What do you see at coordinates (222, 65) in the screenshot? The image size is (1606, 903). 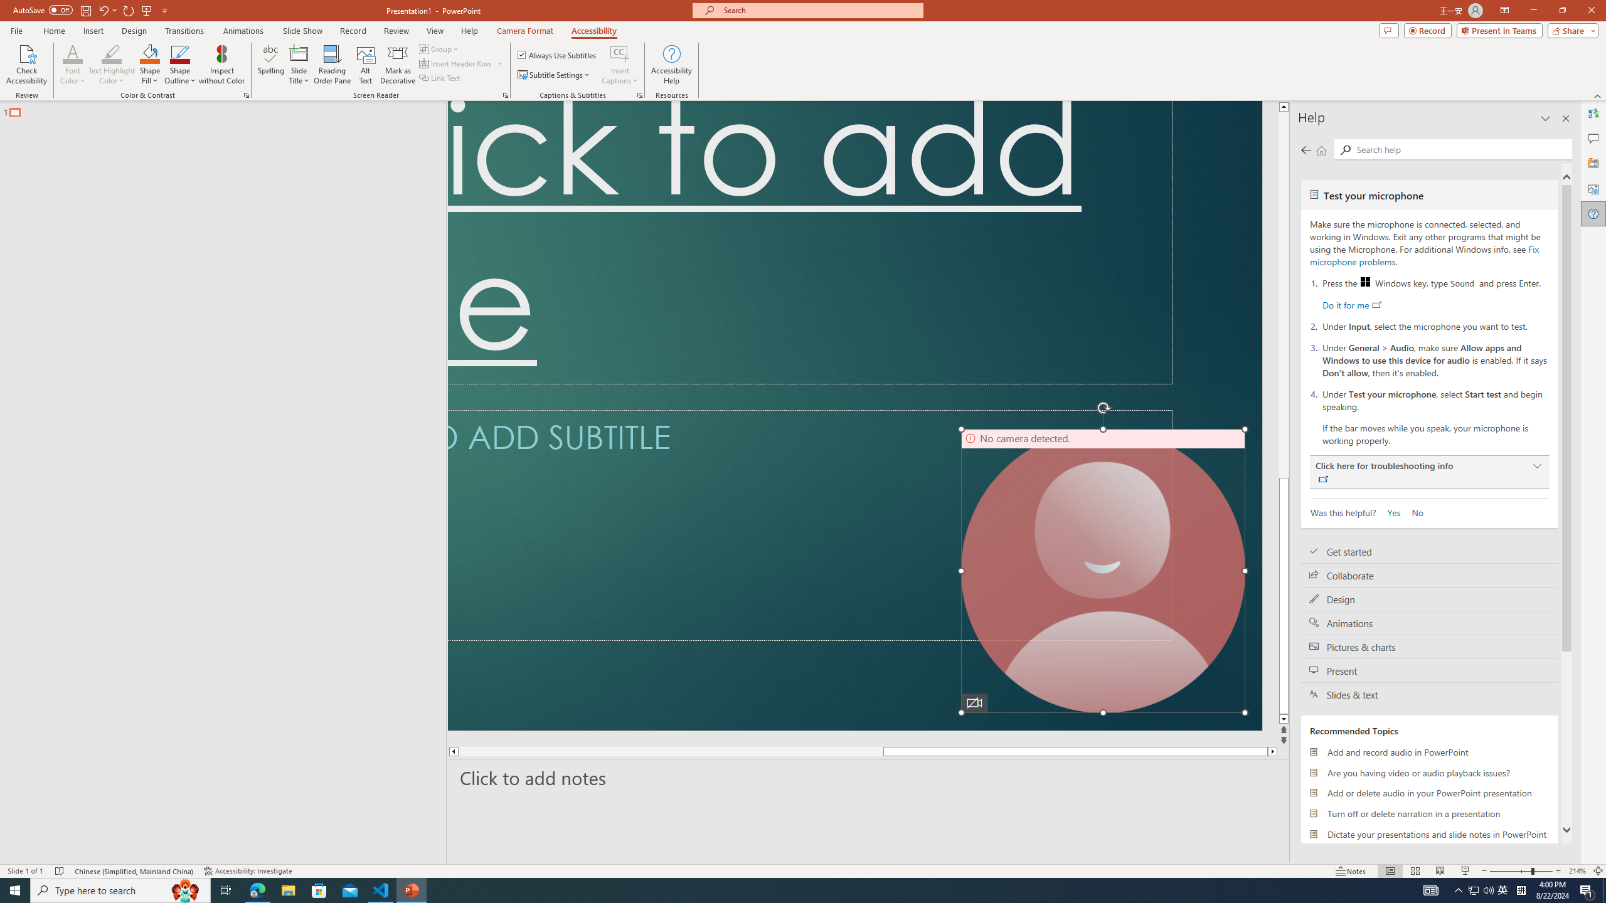 I see `'Inspect without Color'` at bounding box center [222, 65].